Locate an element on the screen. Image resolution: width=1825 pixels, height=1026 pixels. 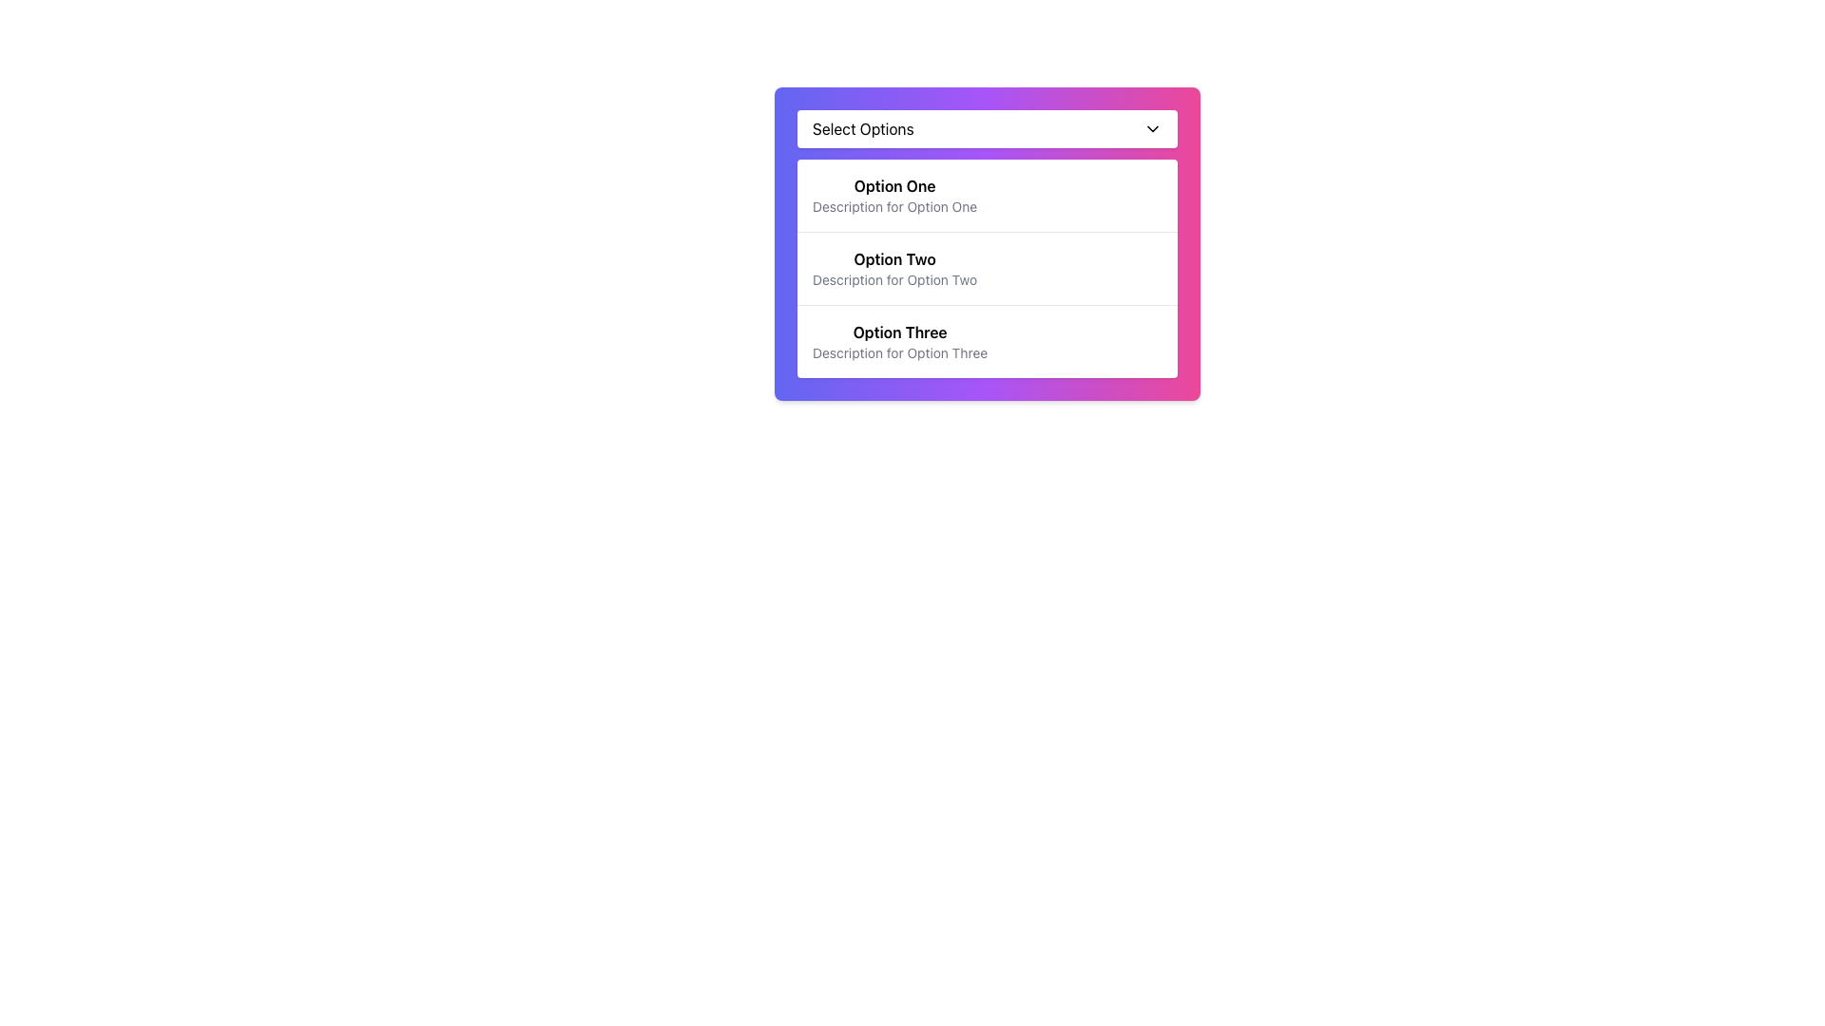
the dropdown menu item labeled 'Option Three' is located at coordinates (987, 340).